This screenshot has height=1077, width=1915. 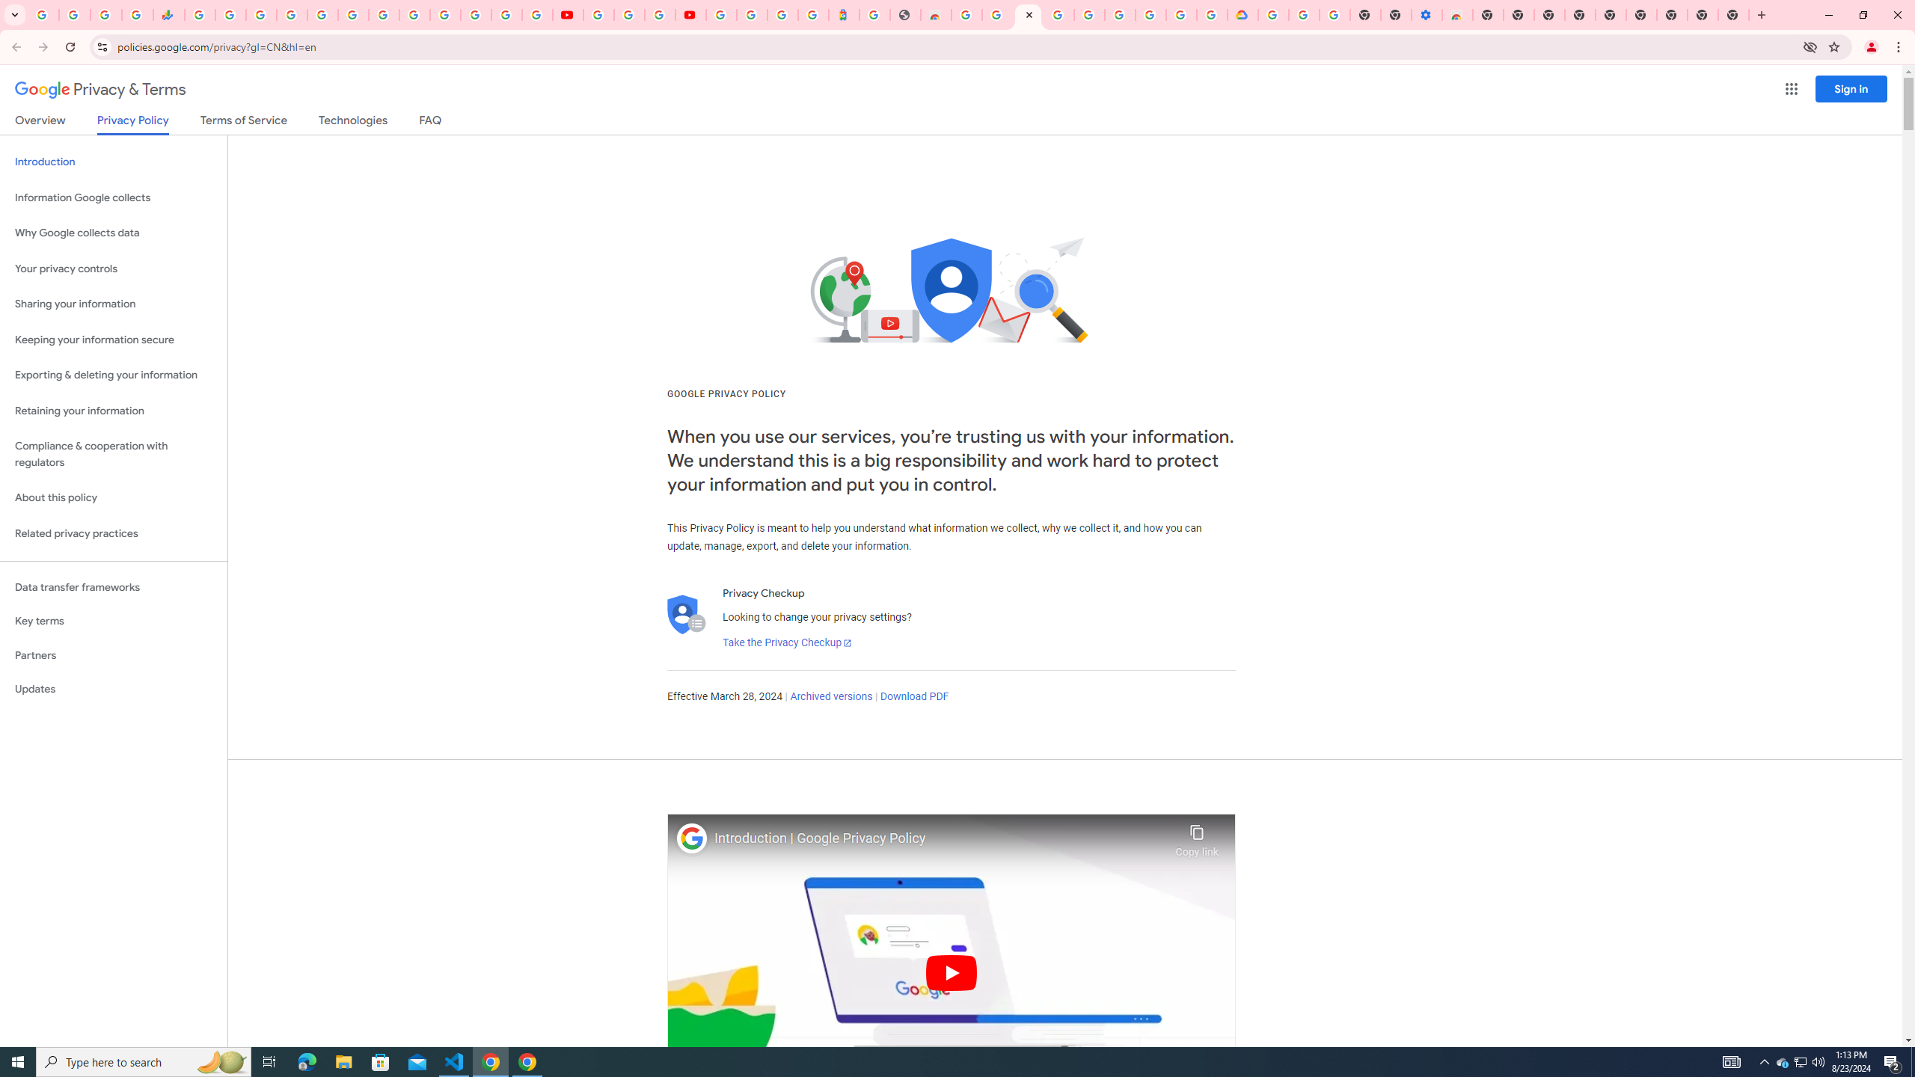 What do you see at coordinates (113, 197) in the screenshot?
I see `'Information Google collects'` at bounding box center [113, 197].